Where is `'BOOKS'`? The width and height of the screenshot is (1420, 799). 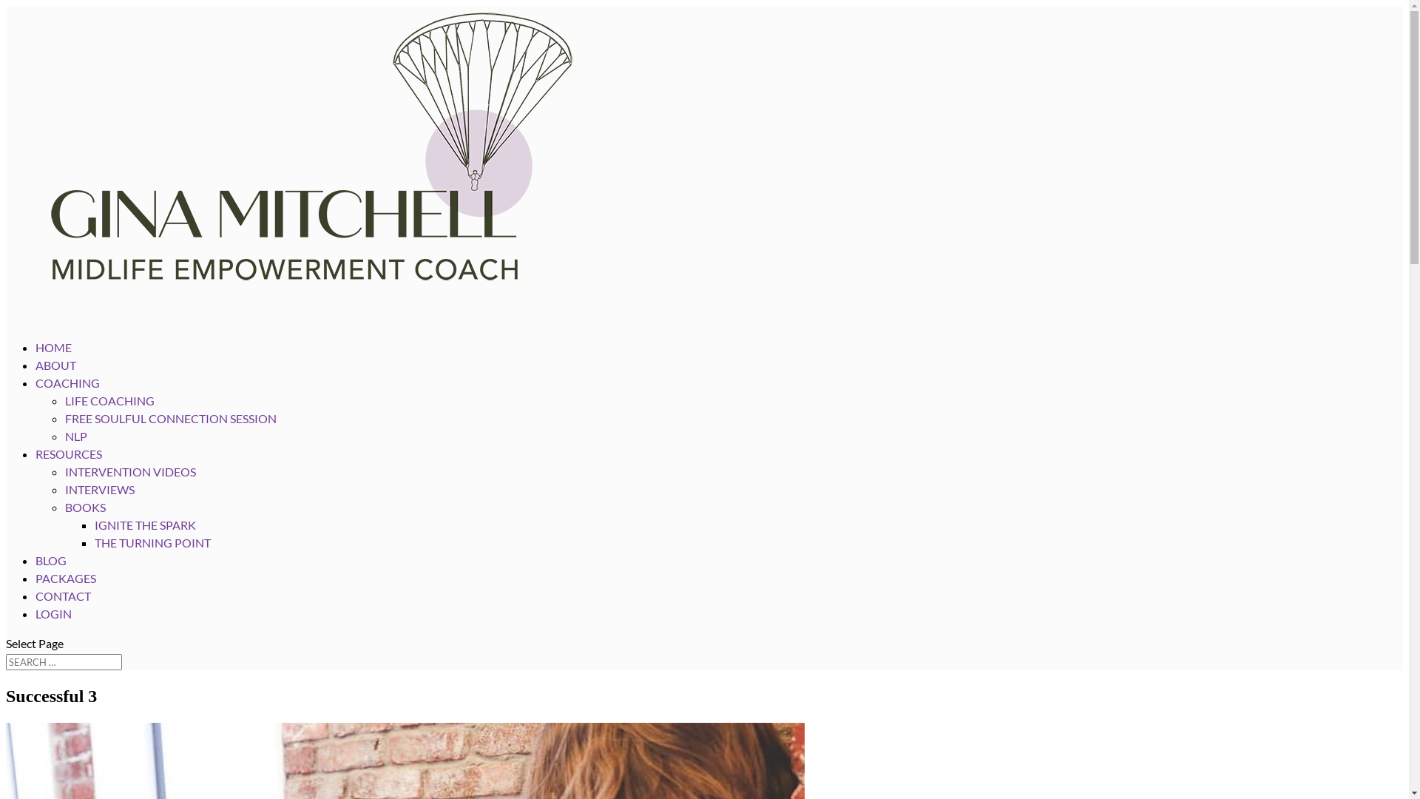
'BOOKS' is located at coordinates (64, 506).